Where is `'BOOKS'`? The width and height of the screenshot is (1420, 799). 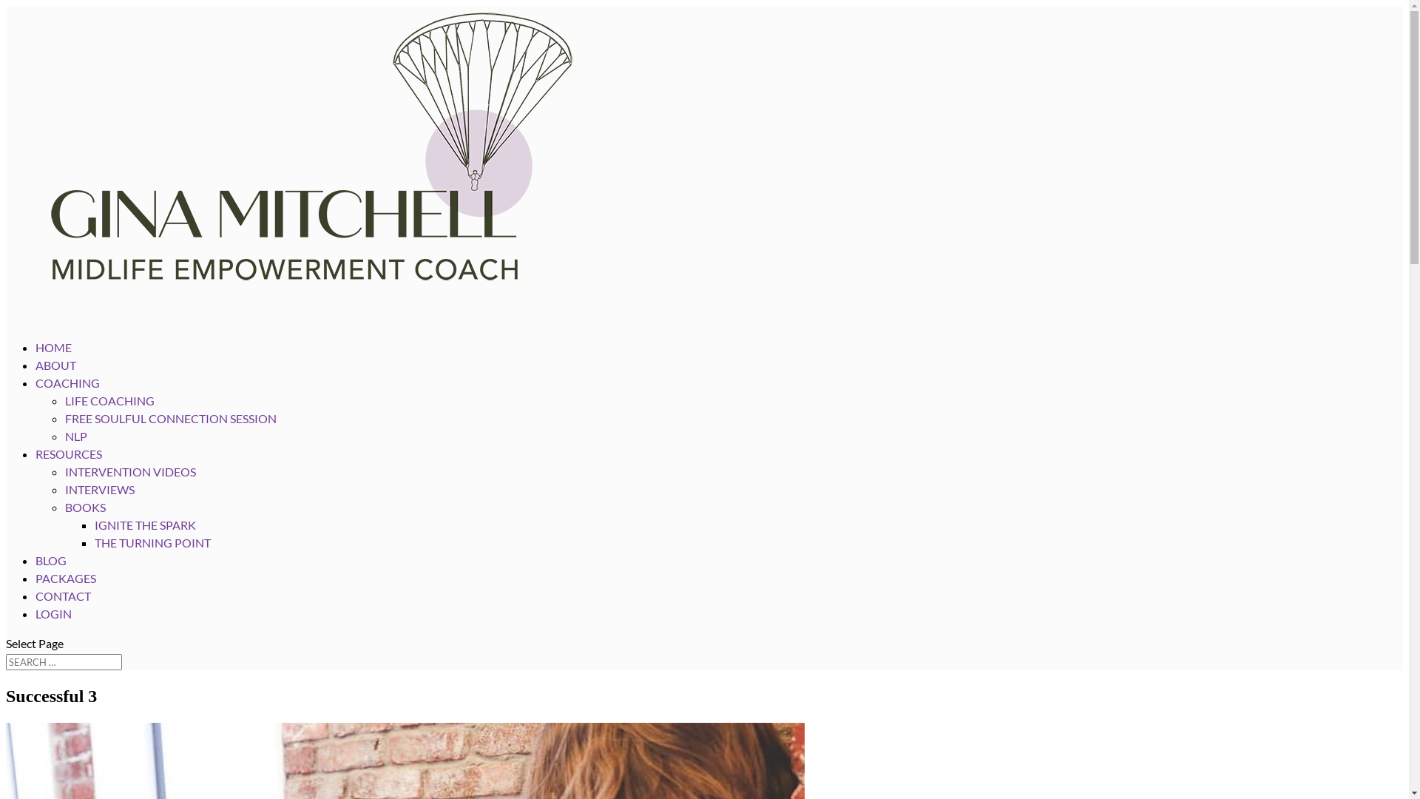
'BOOKS' is located at coordinates (64, 506).